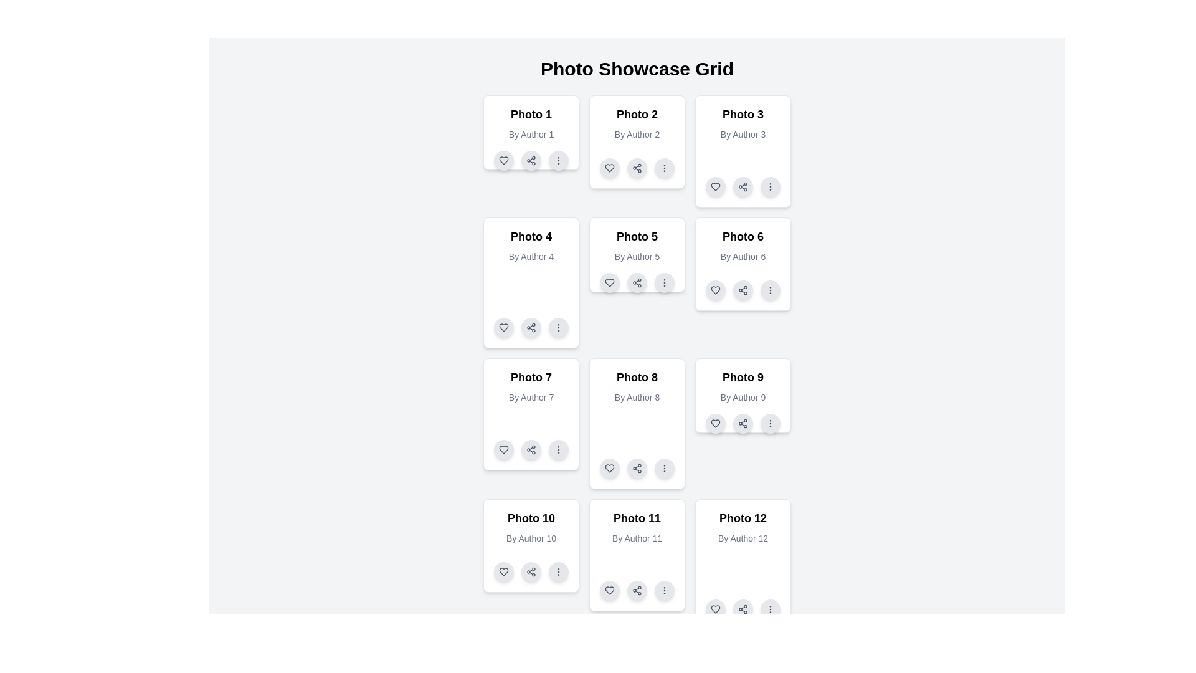 The image size is (1196, 673). I want to click on the share icon located on the first Card element that showcases a photo, title, and author, positioned in the top-left corner of the grid, so click(531, 132).